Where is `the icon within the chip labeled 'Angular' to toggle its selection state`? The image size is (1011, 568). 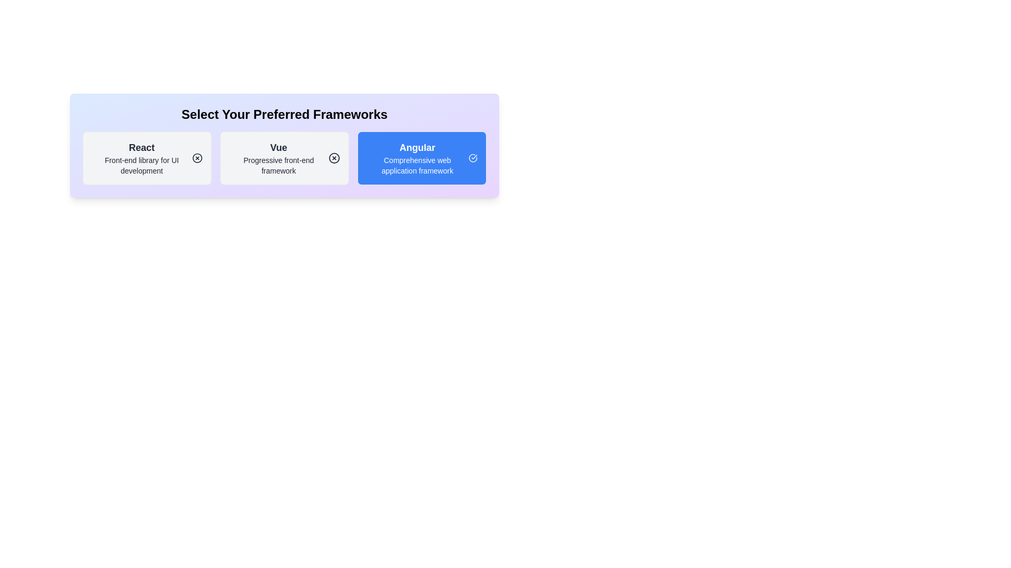 the icon within the chip labeled 'Angular' to toggle its selection state is located at coordinates (472, 158).